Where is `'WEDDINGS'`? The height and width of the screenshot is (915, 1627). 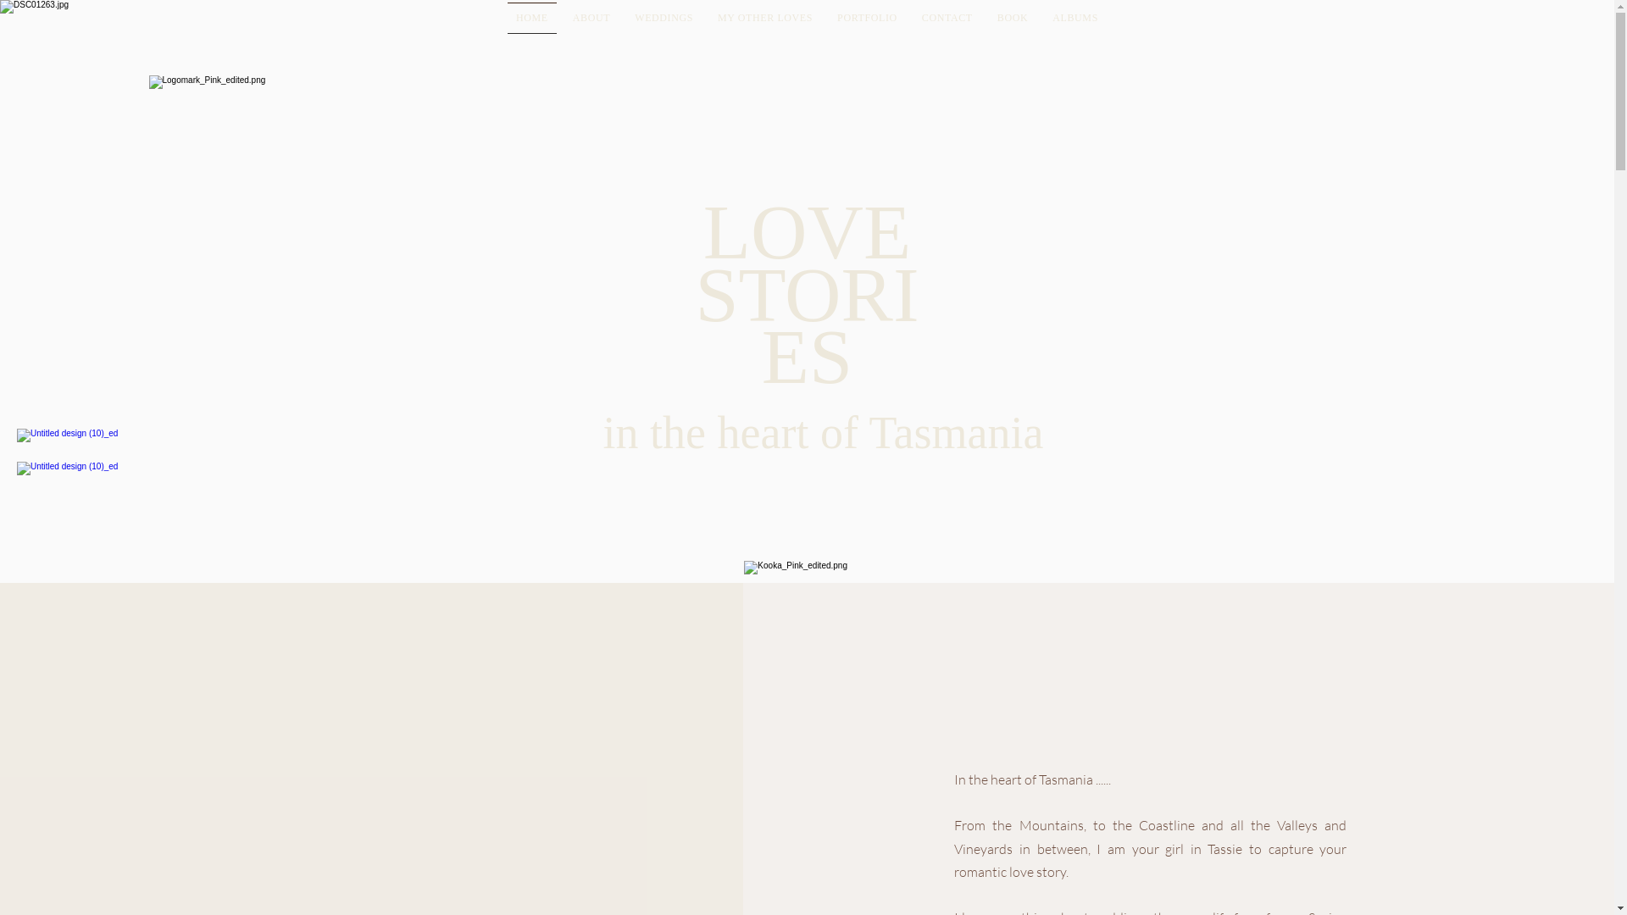
'WEDDINGS' is located at coordinates (663, 18).